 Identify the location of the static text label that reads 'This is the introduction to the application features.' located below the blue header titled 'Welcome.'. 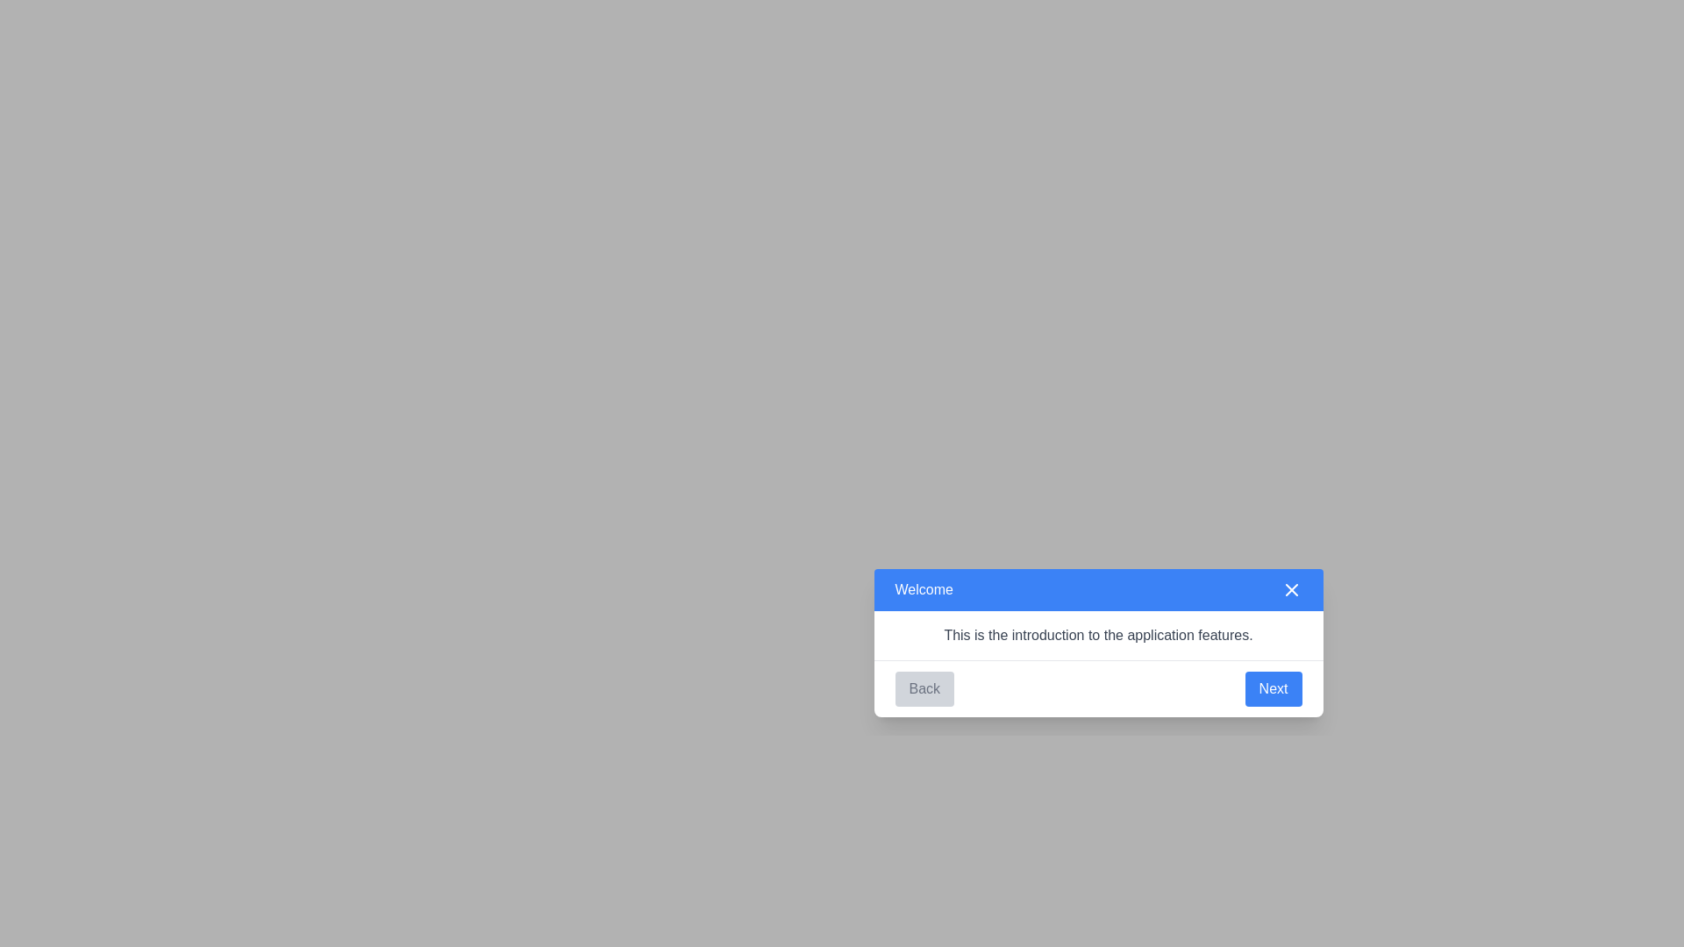
(1097, 635).